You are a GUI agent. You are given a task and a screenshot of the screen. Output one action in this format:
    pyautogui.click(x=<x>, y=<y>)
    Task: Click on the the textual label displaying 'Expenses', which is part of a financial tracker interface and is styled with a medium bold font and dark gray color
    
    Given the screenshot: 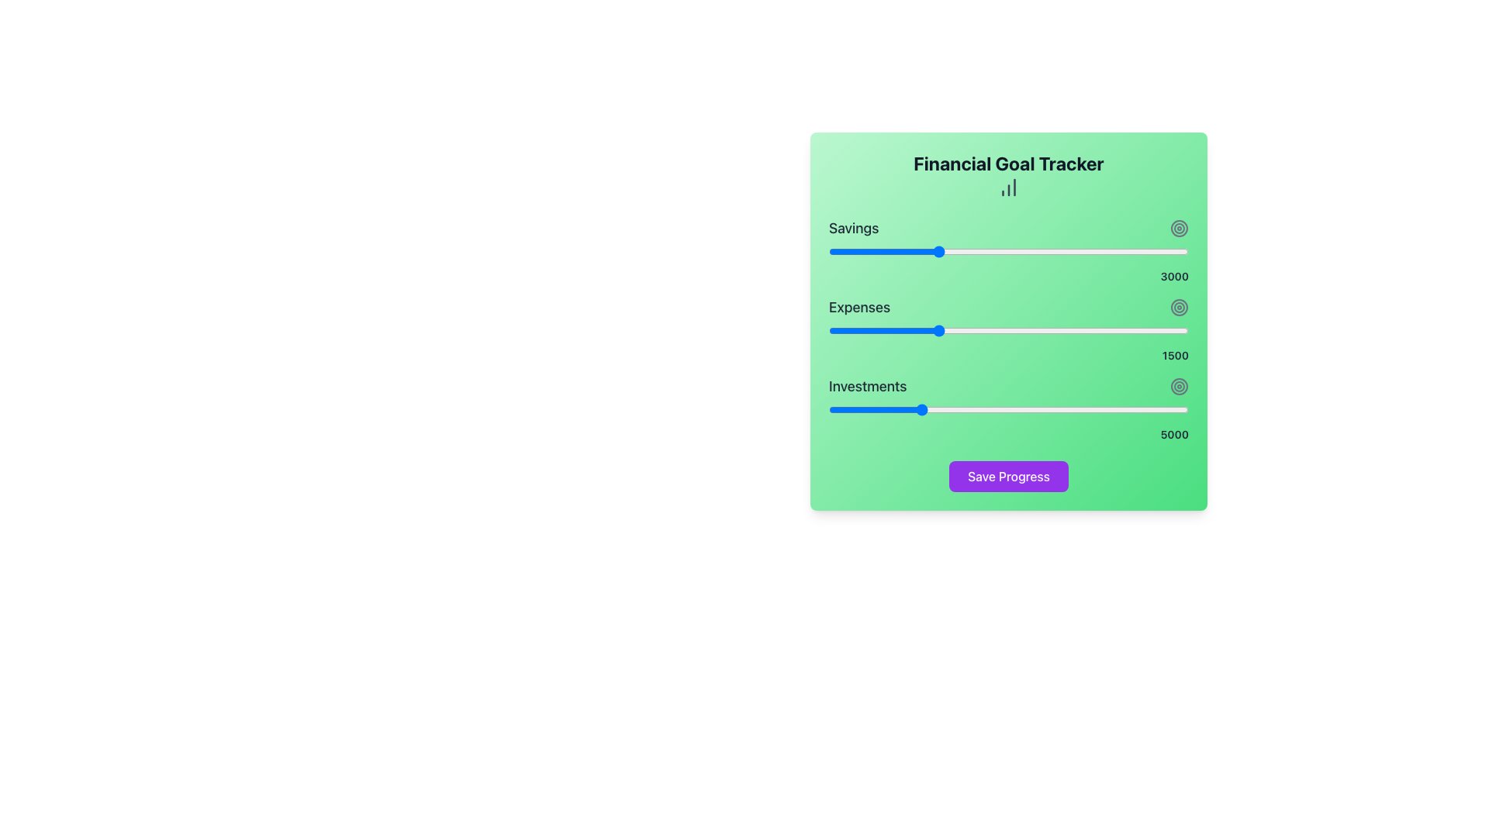 What is the action you would take?
    pyautogui.click(x=859, y=308)
    